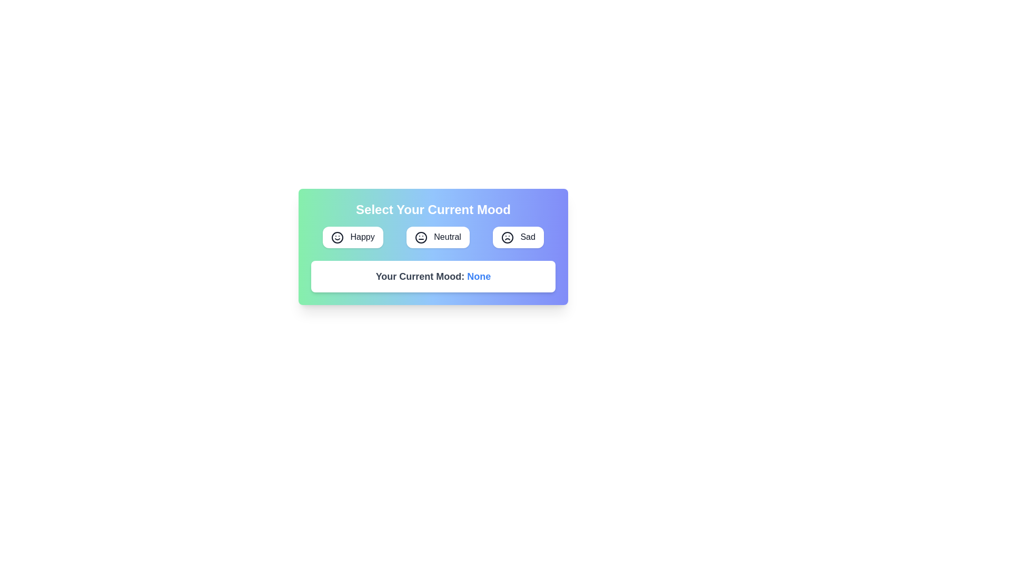 Image resolution: width=1011 pixels, height=568 pixels. I want to click on the circular smiling face icon, so click(338, 237).